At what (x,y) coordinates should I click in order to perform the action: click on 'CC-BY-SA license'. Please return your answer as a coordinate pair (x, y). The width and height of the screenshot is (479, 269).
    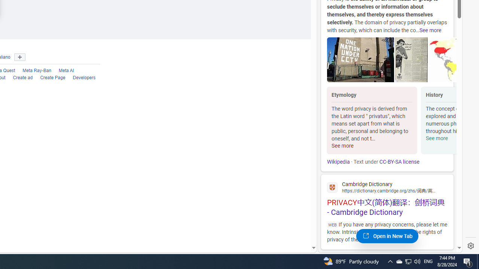
    Looking at the image, I should click on (399, 161).